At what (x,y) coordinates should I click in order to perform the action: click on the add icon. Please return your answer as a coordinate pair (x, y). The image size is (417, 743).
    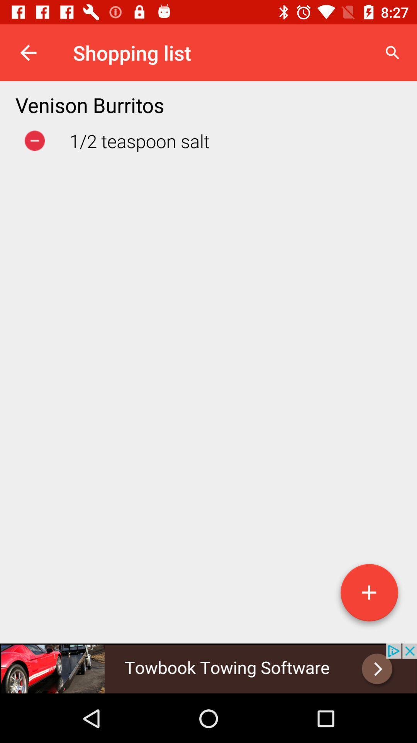
    Looking at the image, I should click on (369, 595).